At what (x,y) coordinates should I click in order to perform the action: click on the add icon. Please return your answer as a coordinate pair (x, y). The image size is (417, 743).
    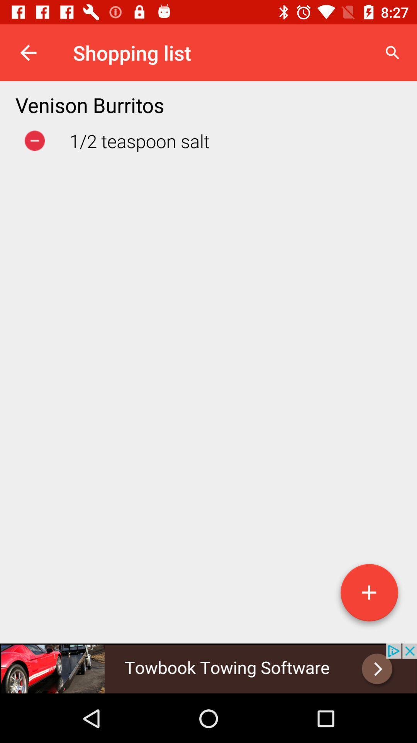
    Looking at the image, I should click on (369, 595).